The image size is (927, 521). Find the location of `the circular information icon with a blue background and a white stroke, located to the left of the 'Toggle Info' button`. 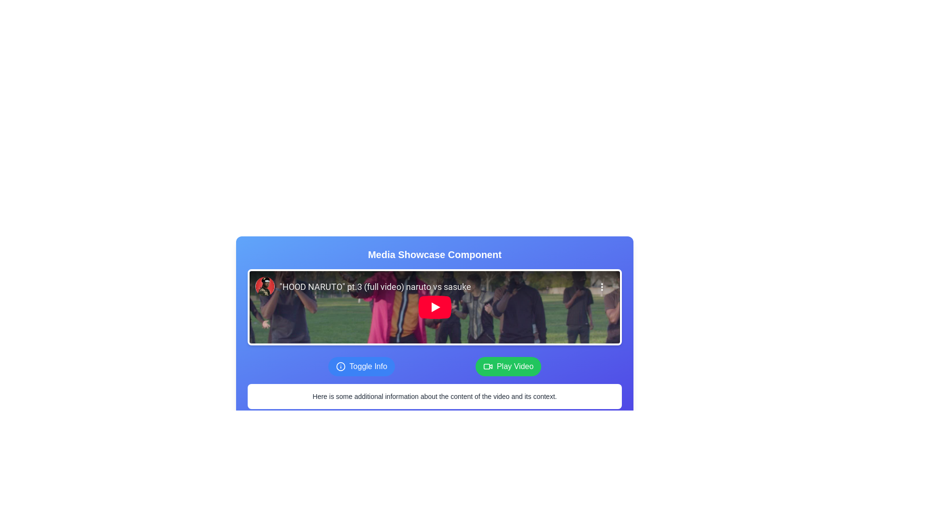

the circular information icon with a blue background and a white stroke, located to the left of the 'Toggle Info' button is located at coordinates (340, 366).